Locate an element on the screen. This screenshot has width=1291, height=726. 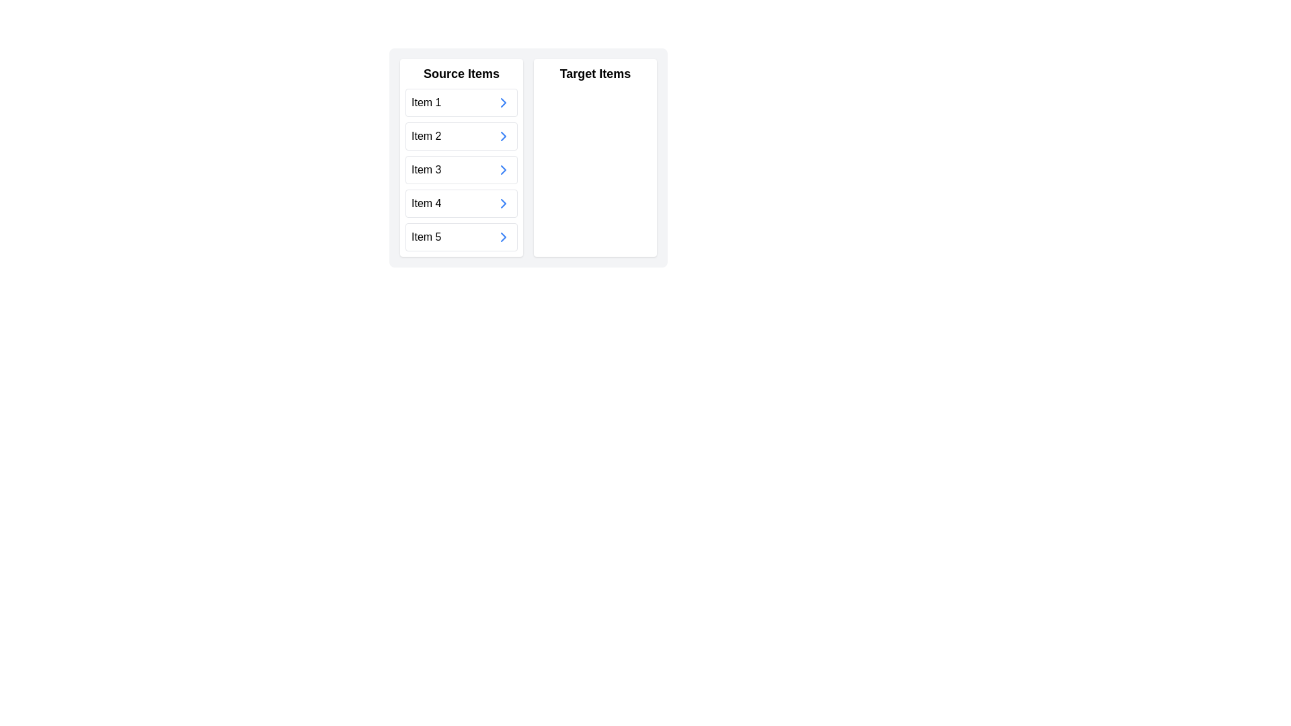
the third item labeled 'Item 3' in the 'Source Items' list to interact or navigate is located at coordinates (461, 169).